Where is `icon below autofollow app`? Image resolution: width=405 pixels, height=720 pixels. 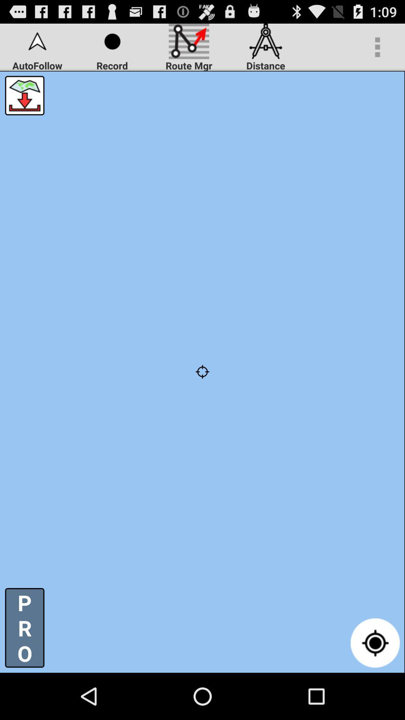 icon below autofollow app is located at coordinates (24, 95).